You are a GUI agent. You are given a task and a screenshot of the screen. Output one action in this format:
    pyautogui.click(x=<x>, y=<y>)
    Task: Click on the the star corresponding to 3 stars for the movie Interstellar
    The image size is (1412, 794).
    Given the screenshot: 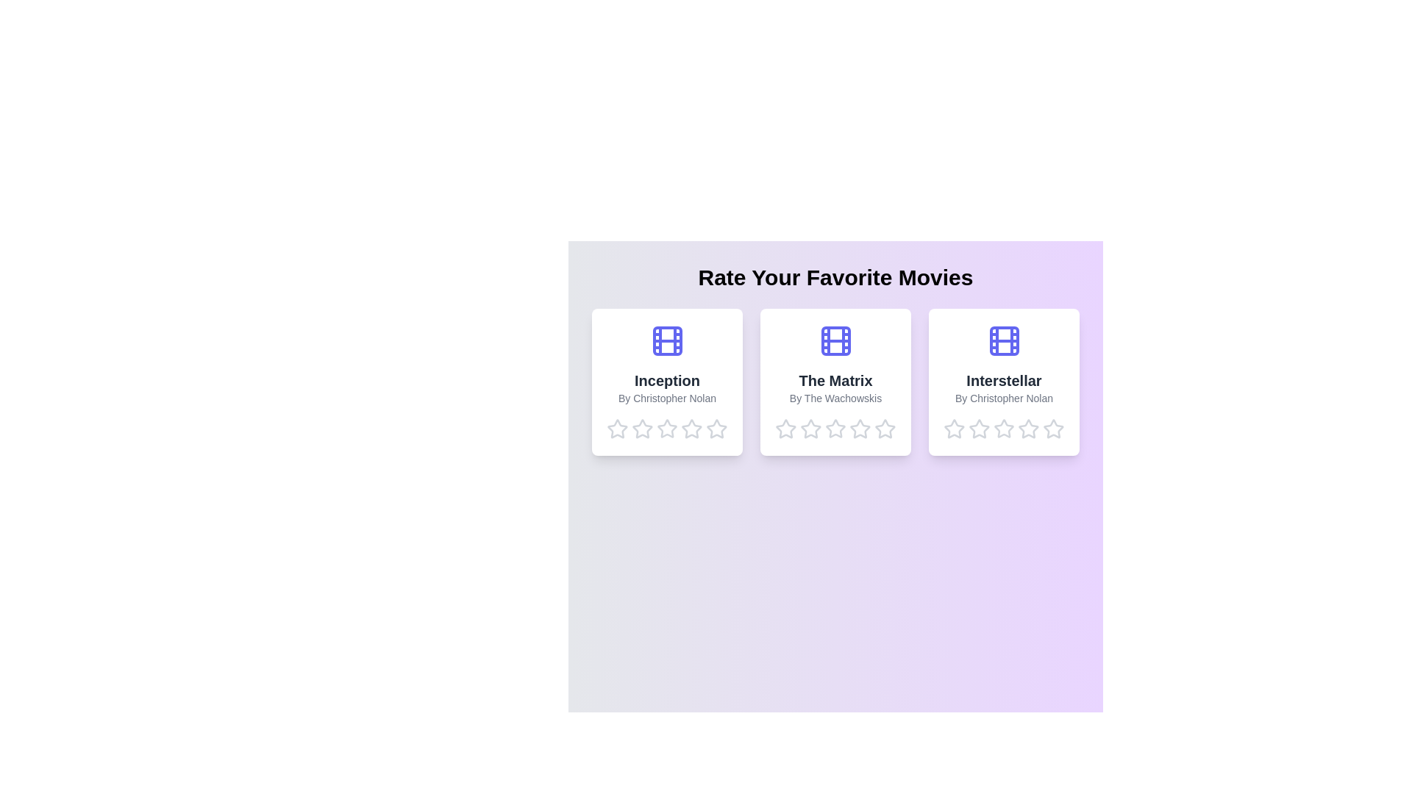 What is the action you would take?
    pyautogui.click(x=1003, y=429)
    